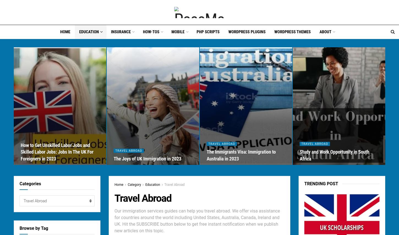 This screenshot has height=235, width=399. Describe the element at coordinates (197, 221) in the screenshot. I see `'Our immigration services guides can help you travel abroad. We offer visa assistance for countries around the world including United States, Australia, Canada, Ireland and UK.  Hit the SUBSCRIBE button below to get free instant notification when we publish new articles on this topic.'` at that location.